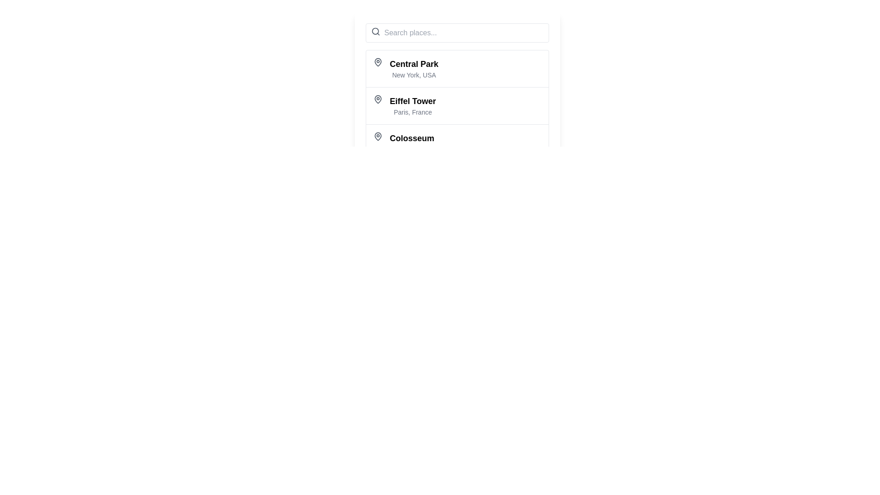  What do you see at coordinates (457, 105) in the screenshot?
I see `the second selectable list item representing the Eiffel Tower` at bounding box center [457, 105].